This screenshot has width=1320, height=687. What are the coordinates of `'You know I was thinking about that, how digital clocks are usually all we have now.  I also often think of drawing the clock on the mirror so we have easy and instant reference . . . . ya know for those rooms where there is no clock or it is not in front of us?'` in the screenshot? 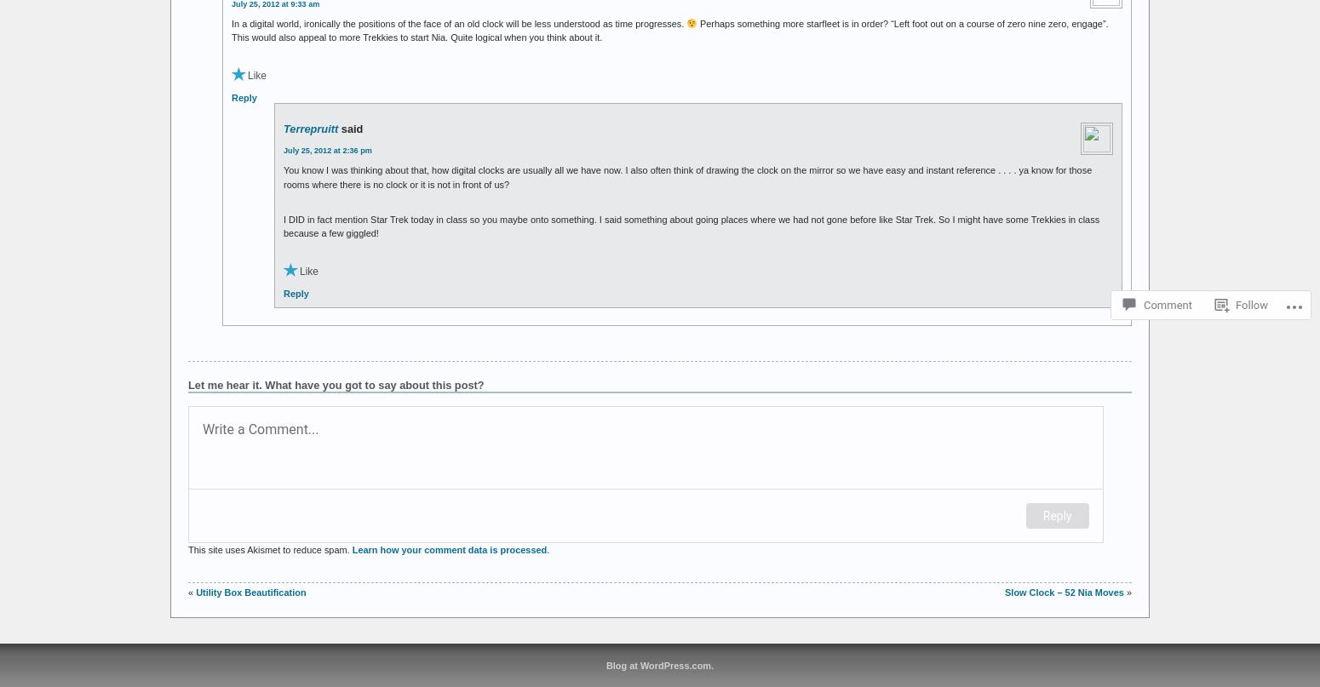 It's located at (686, 176).